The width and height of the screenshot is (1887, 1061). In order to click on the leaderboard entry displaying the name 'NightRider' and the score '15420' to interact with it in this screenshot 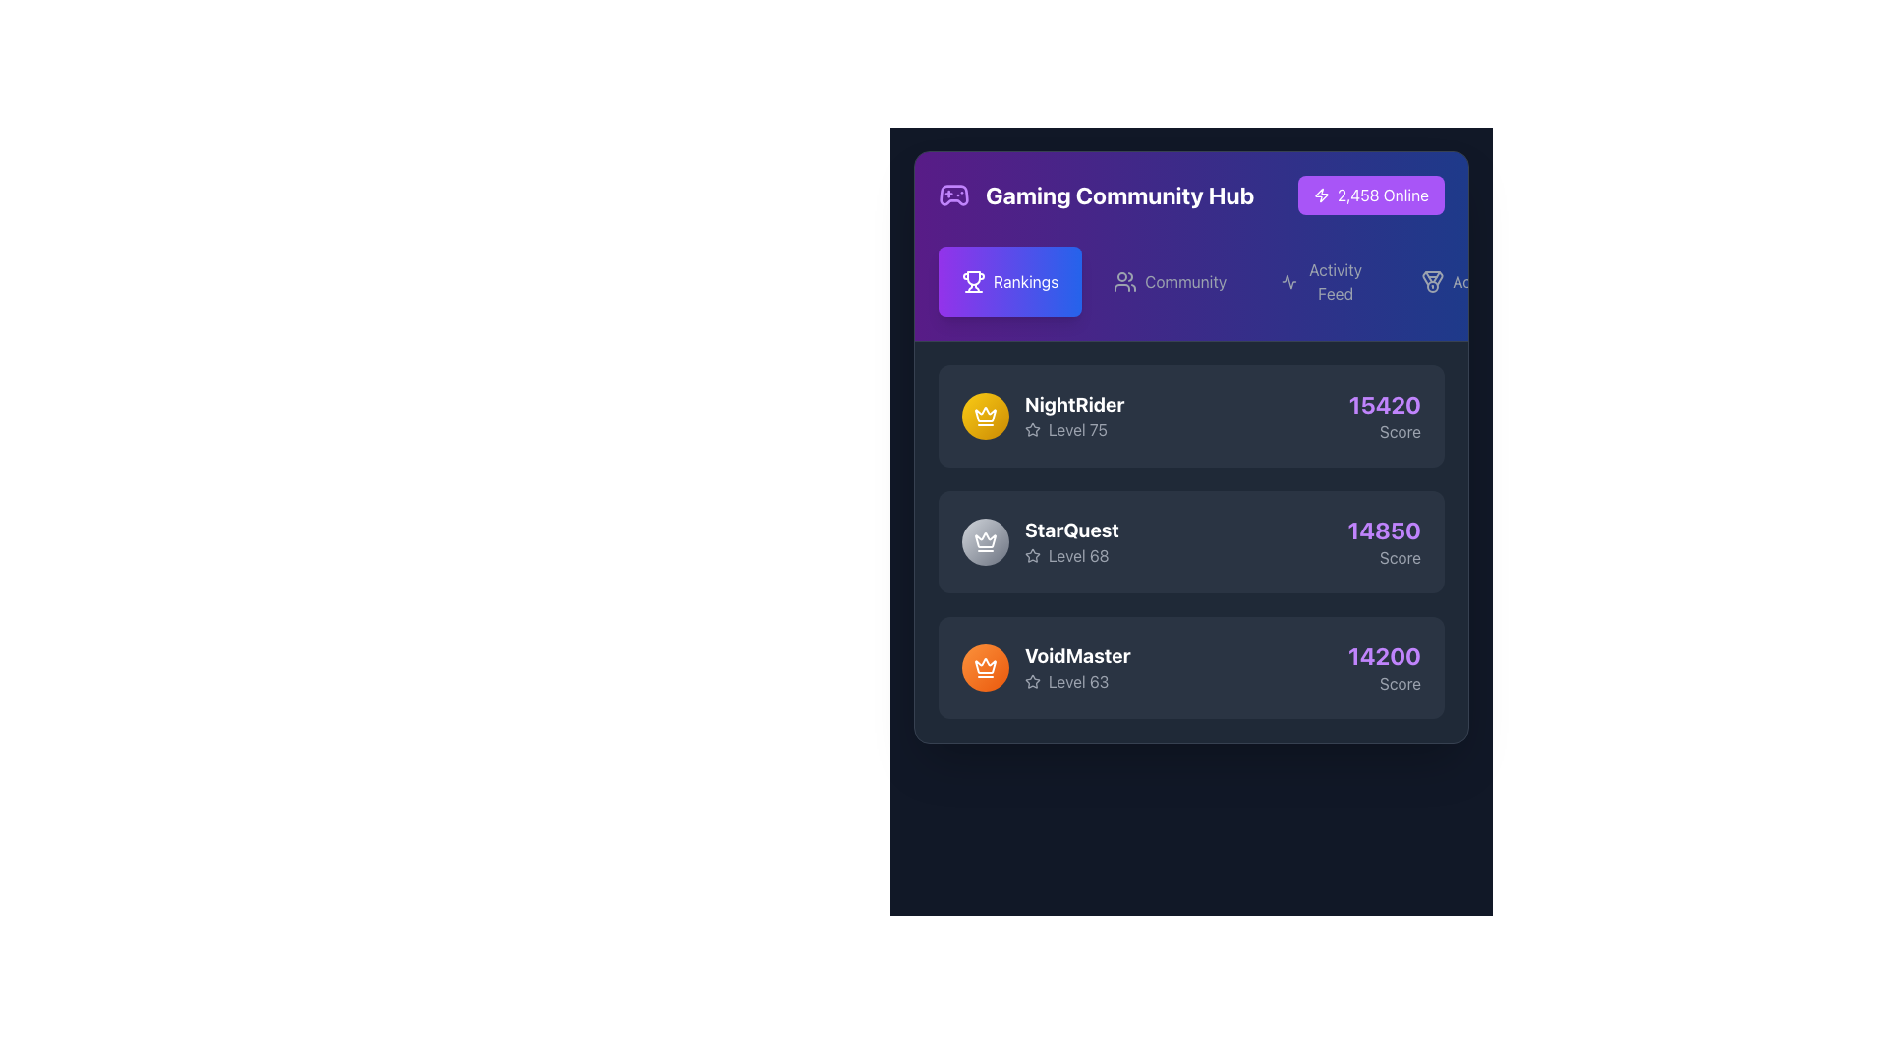, I will do `click(1190, 416)`.